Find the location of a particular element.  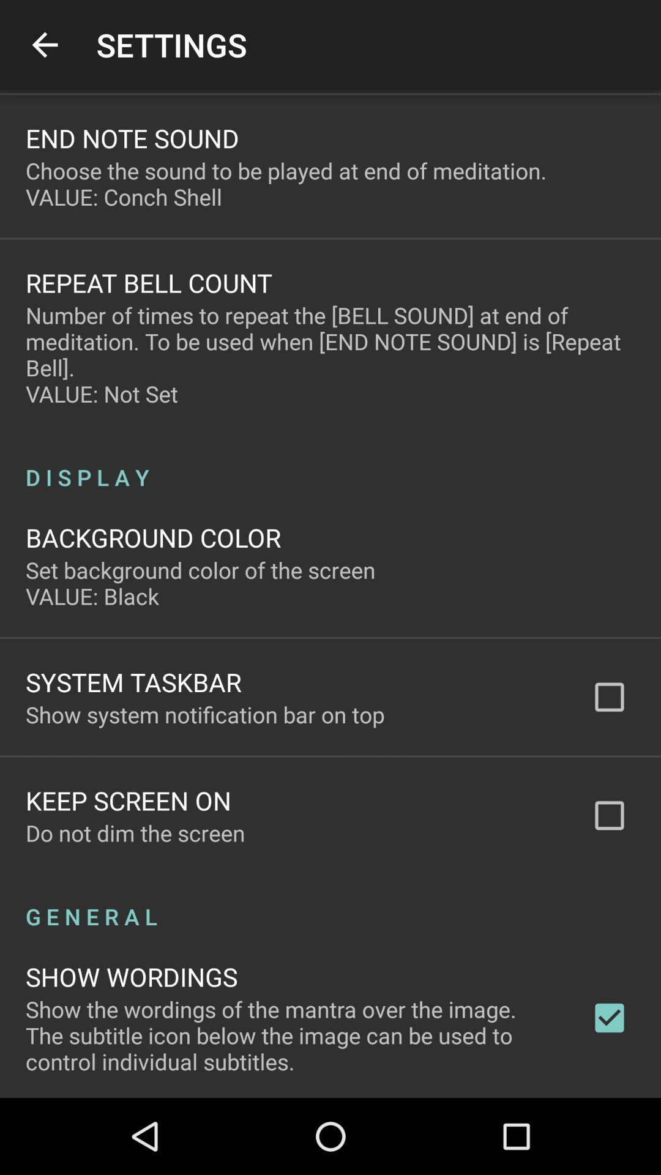

the item above the end note sound is located at coordinates (44, 45).